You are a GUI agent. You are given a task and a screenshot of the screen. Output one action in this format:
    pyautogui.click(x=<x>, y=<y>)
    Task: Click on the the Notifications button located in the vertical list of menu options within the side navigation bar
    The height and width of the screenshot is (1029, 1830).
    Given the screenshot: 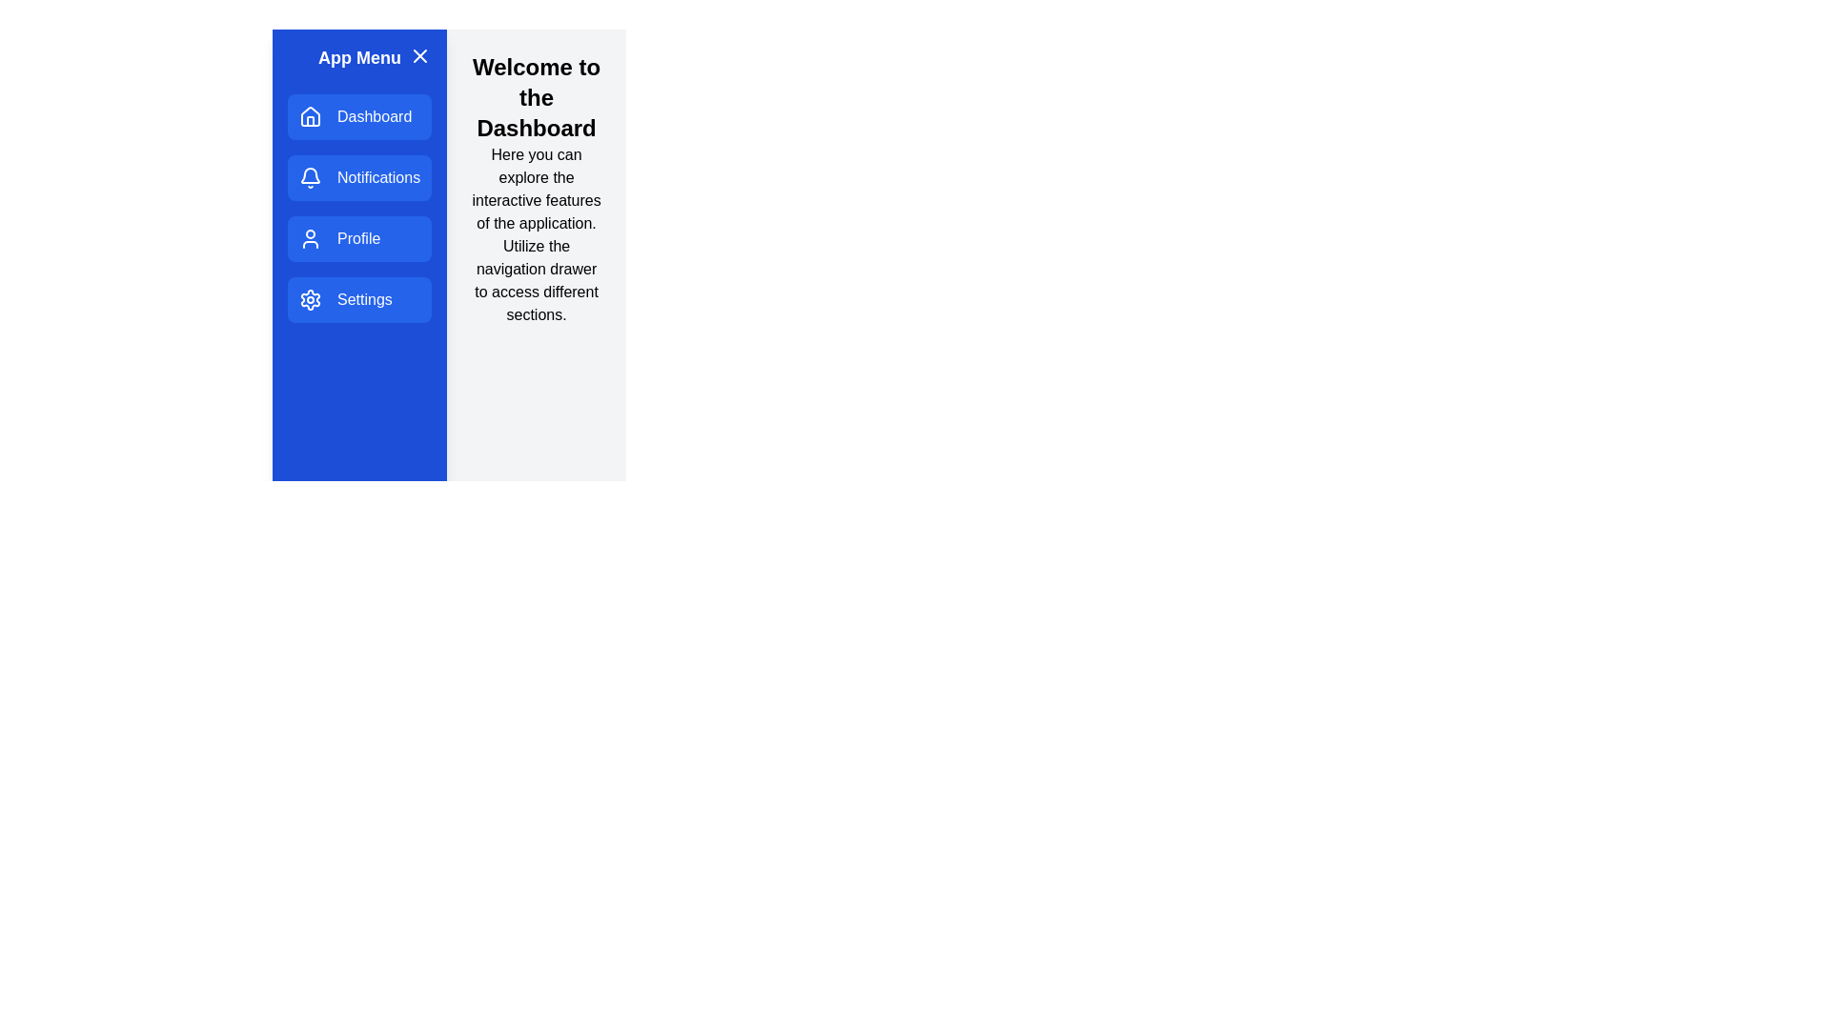 What is the action you would take?
    pyautogui.click(x=359, y=177)
    